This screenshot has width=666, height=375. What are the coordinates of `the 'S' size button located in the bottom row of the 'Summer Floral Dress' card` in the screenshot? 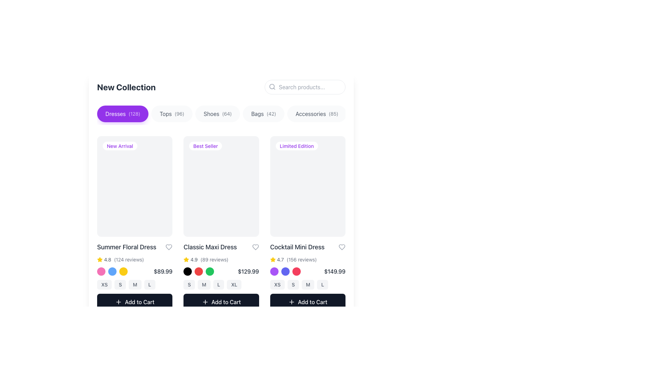 It's located at (120, 284).